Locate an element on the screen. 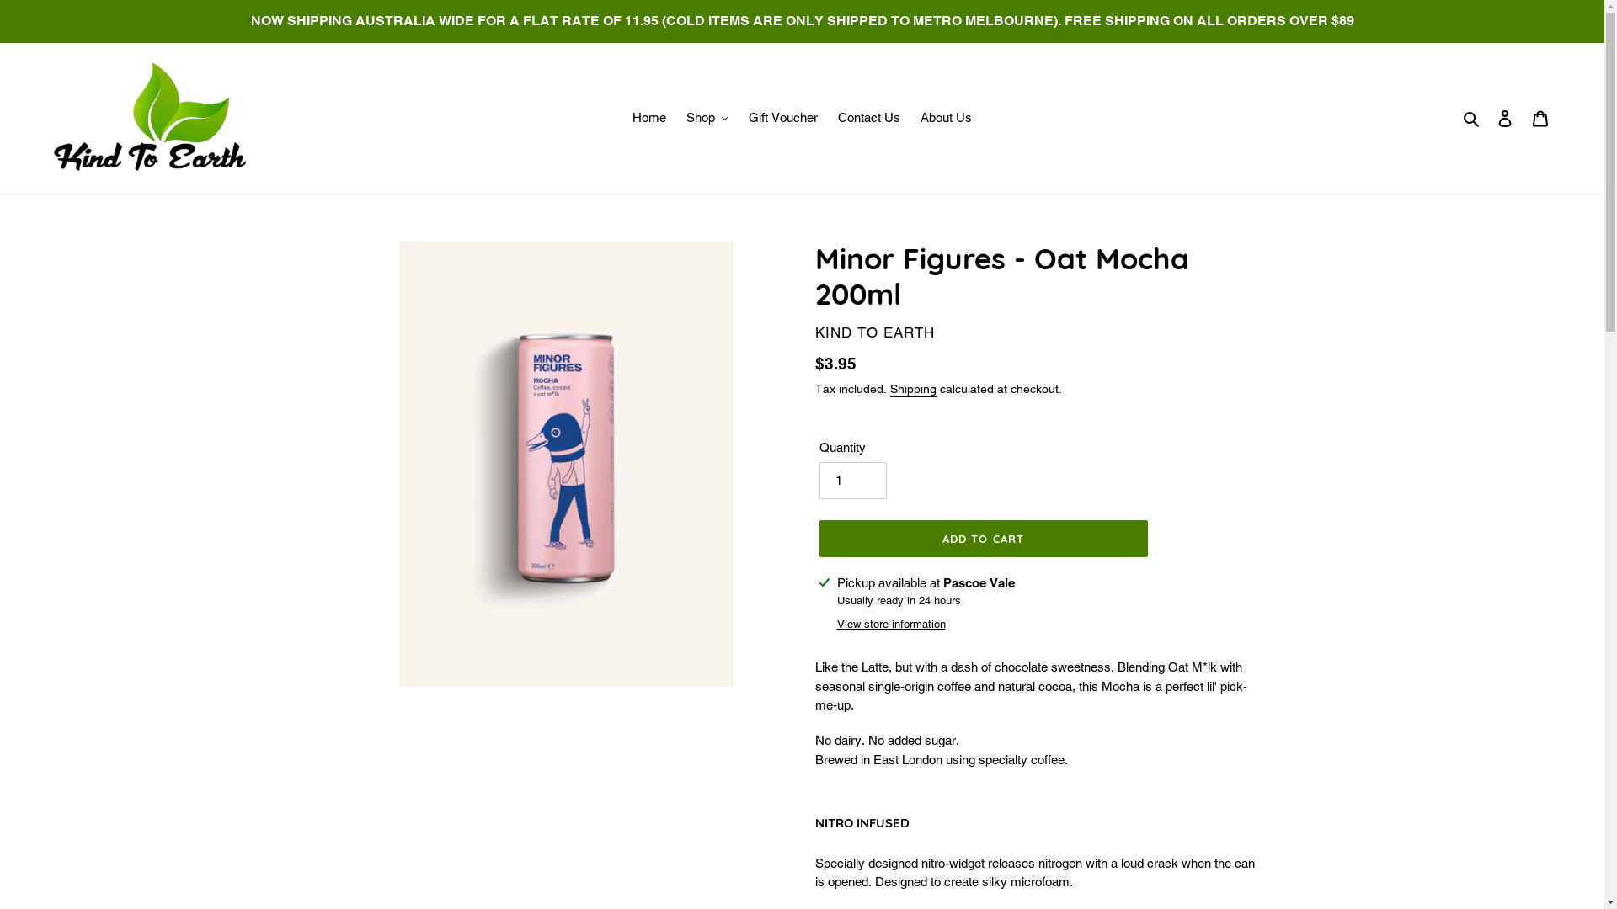  'About Us' is located at coordinates (946, 117).